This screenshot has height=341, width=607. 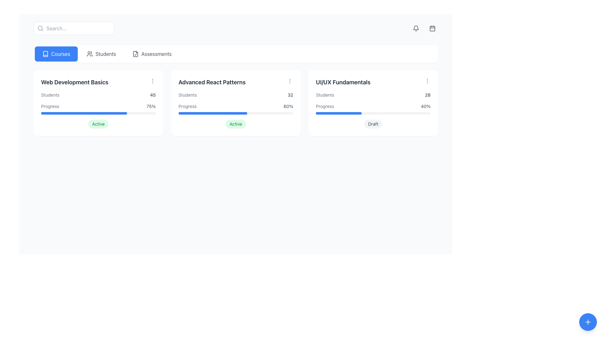 I want to click on the icon located in the top right corner of the 'Advanced React Patterns' card, so click(x=289, y=81).